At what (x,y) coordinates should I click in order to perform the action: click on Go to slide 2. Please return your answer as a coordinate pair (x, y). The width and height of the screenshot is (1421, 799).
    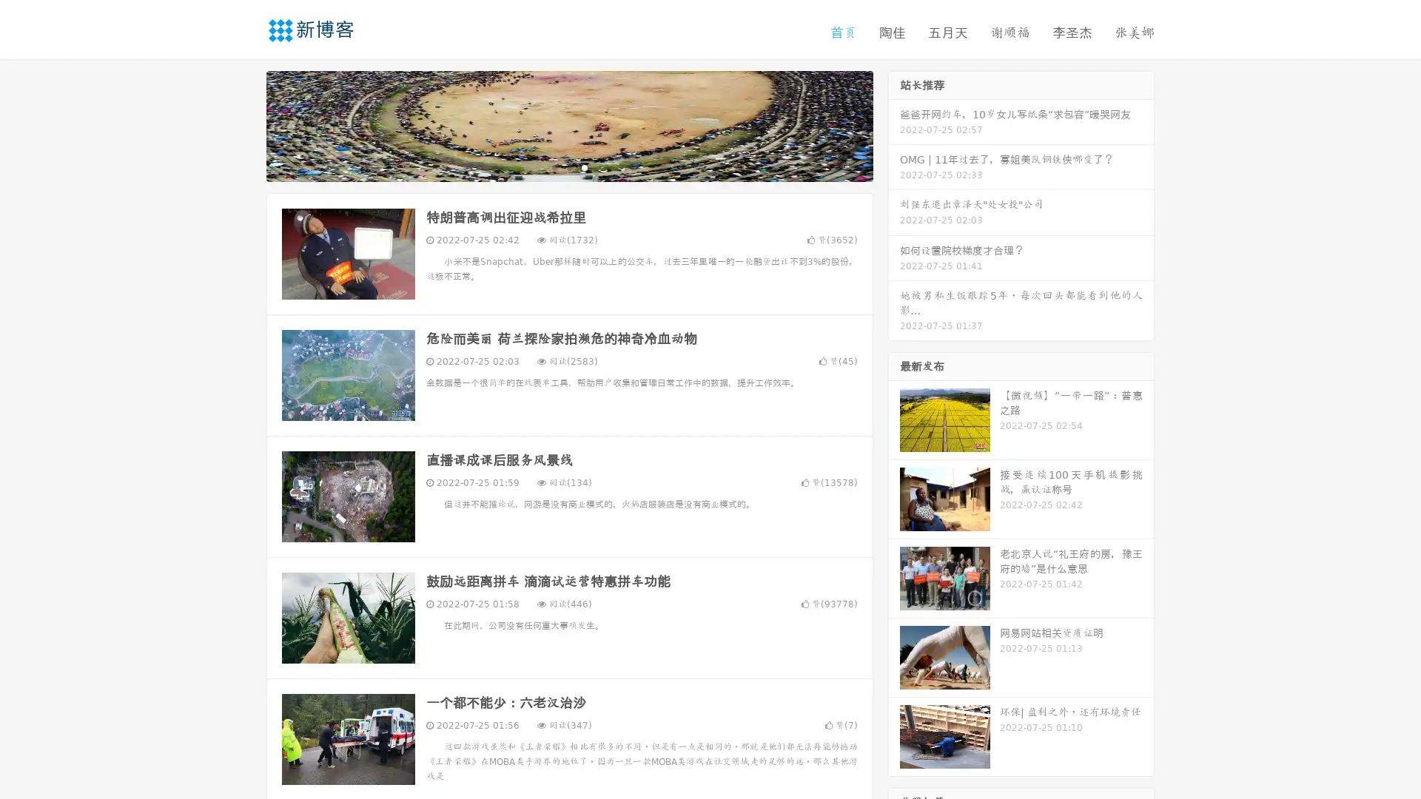
    Looking at the image, I should click on (568, 166).